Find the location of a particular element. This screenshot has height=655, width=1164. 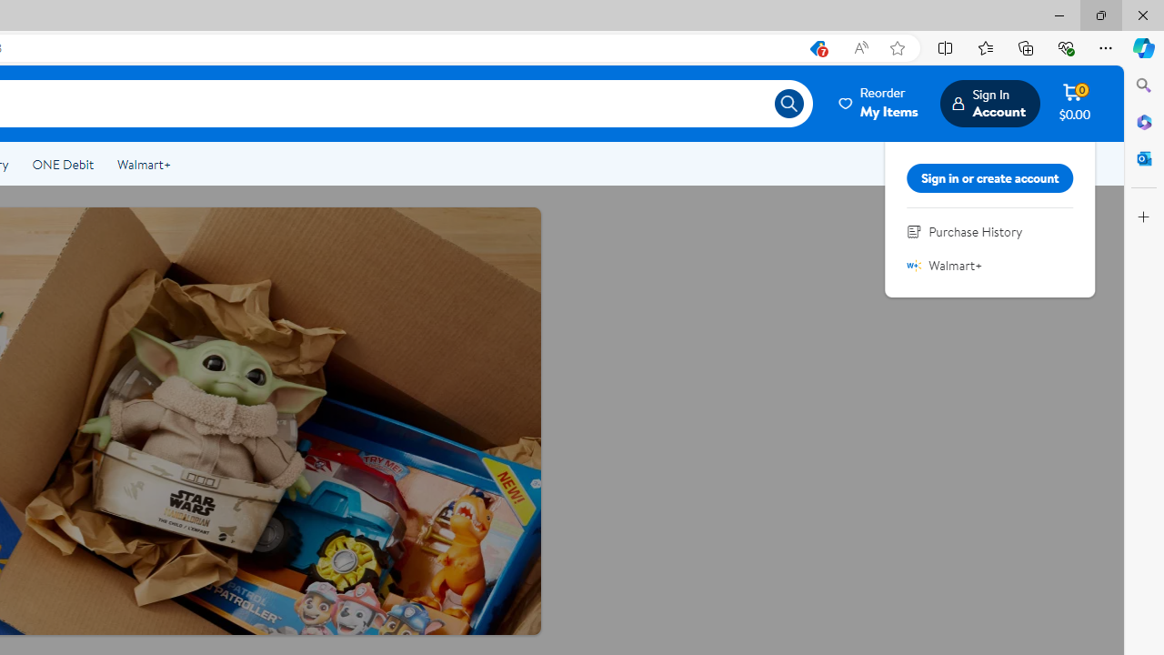

'Reorder My Items' is located at coordinates (879, 103).